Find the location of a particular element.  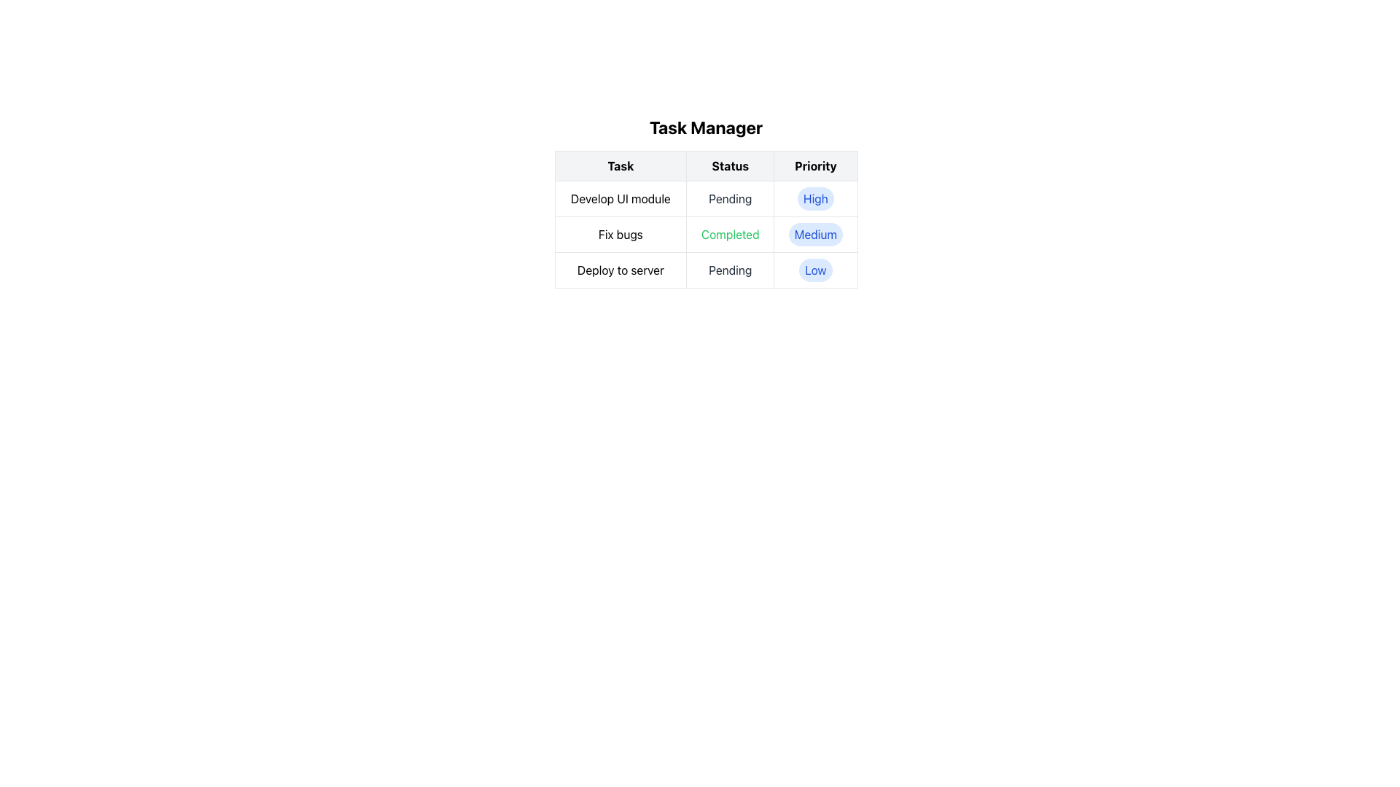

the 'Pending' status text label within the 'Task Manager' table, located in the second row and second column, which indicates the task 'Develop UI module.' is located at coordinates (730, 199).